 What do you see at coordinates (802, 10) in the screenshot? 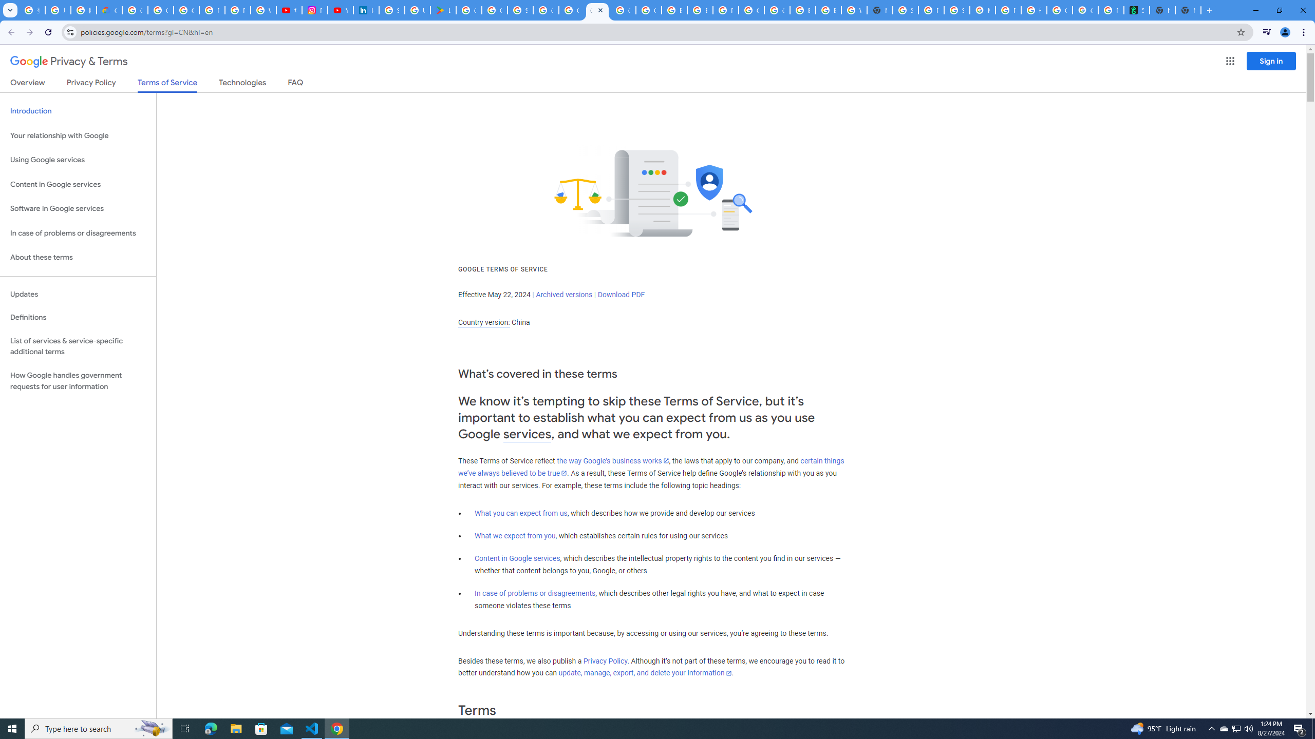
I see `'Browse Chrome as a guest - Computer - Google Chrome Help'` at bounding box center [802, 10].